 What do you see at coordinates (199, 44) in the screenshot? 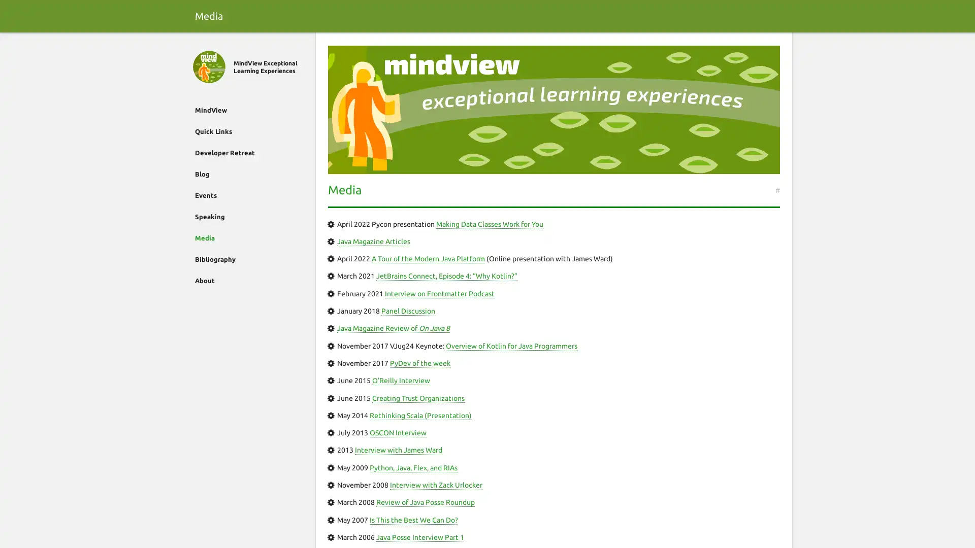
I see `Close` at bounding box center [199, 44].